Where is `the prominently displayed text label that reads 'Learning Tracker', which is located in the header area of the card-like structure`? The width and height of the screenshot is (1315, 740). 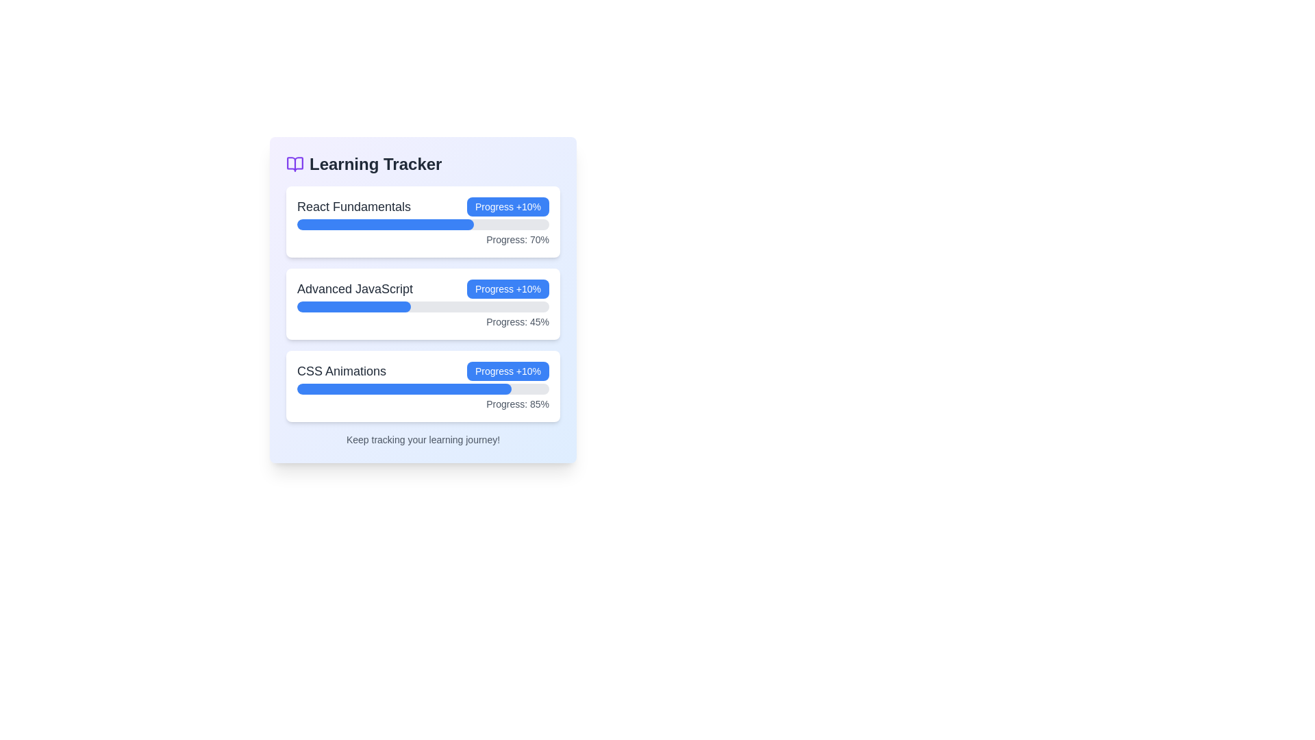
the prominently displayed text label that reads 'Learning Tracker', which is located in the header area of the card-like structure is located at coordinates (375, 163).